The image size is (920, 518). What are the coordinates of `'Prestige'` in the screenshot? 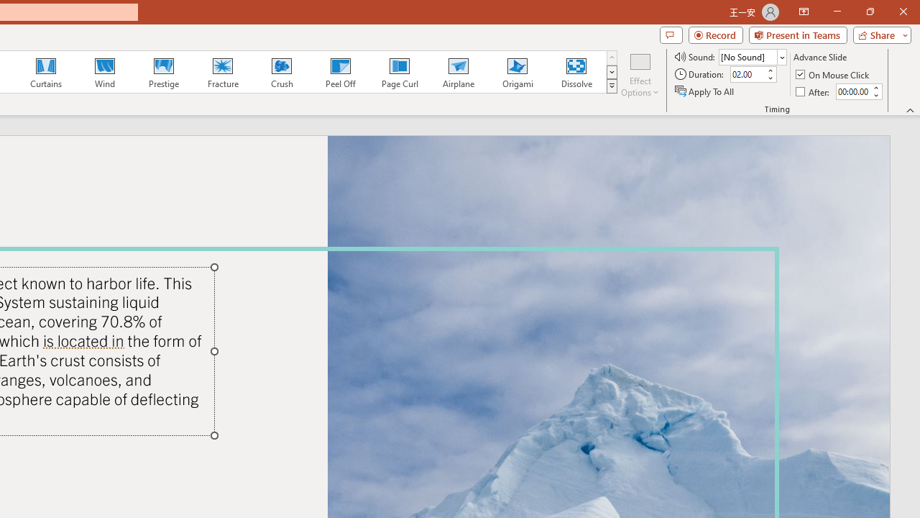 It's located at (163, 72).